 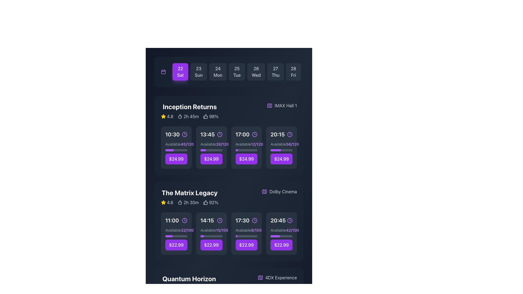 What do you see at coordinates (170, 203) in the screenshot?
I see `the numerical text '4.6' in the rating module, which is positioned adjacent to a yellow star icon under 'The Matrix Legacy'` at bounding box center [170, 203].